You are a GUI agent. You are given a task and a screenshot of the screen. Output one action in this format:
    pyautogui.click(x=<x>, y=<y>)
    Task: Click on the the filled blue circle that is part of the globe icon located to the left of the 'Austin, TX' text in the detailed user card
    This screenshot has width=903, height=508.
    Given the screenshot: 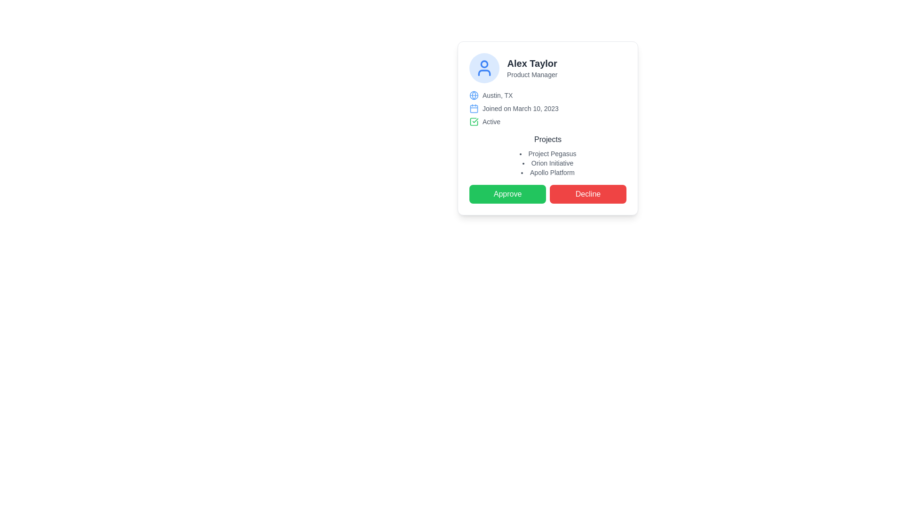 What is the action you would take?
    pyautogui.click(x=474, y=95)
    